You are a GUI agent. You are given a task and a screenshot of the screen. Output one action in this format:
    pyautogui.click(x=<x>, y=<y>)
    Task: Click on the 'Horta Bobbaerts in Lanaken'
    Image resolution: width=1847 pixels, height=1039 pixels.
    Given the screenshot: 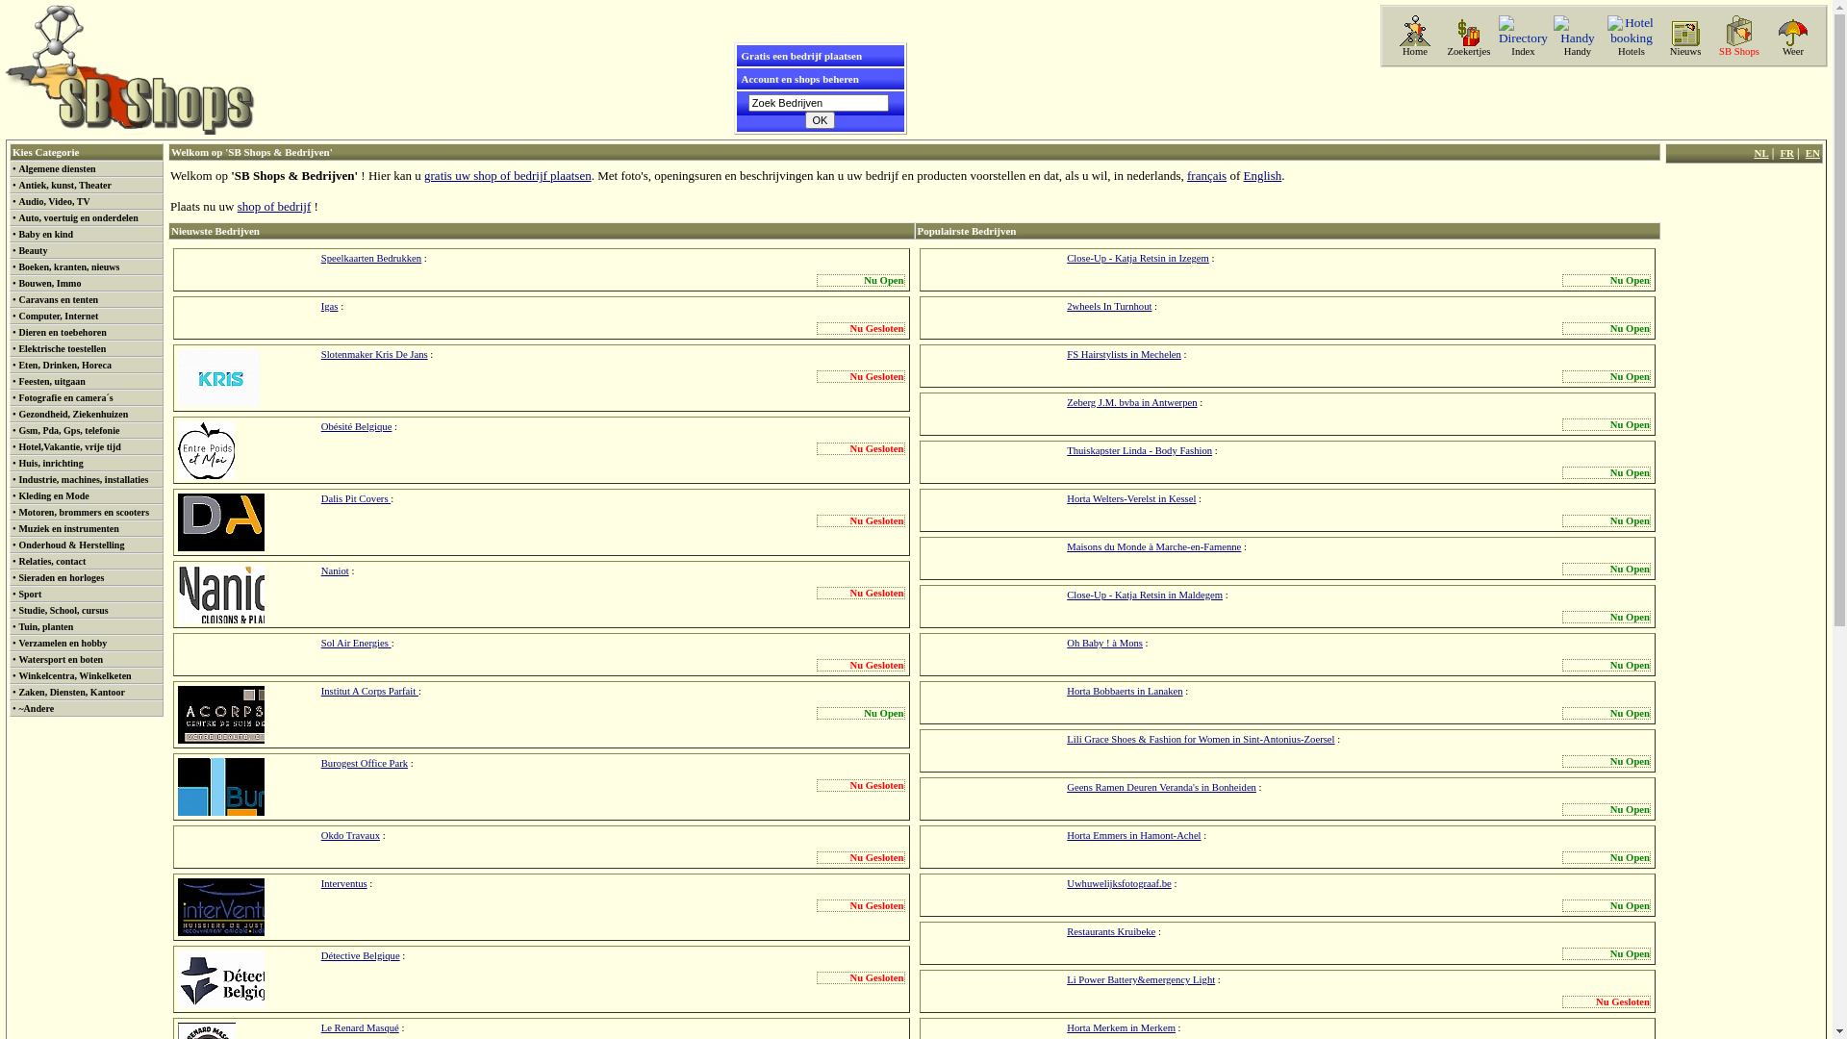 What is the action you would take?
    pyautogui.click(x=1065, y=690)
    